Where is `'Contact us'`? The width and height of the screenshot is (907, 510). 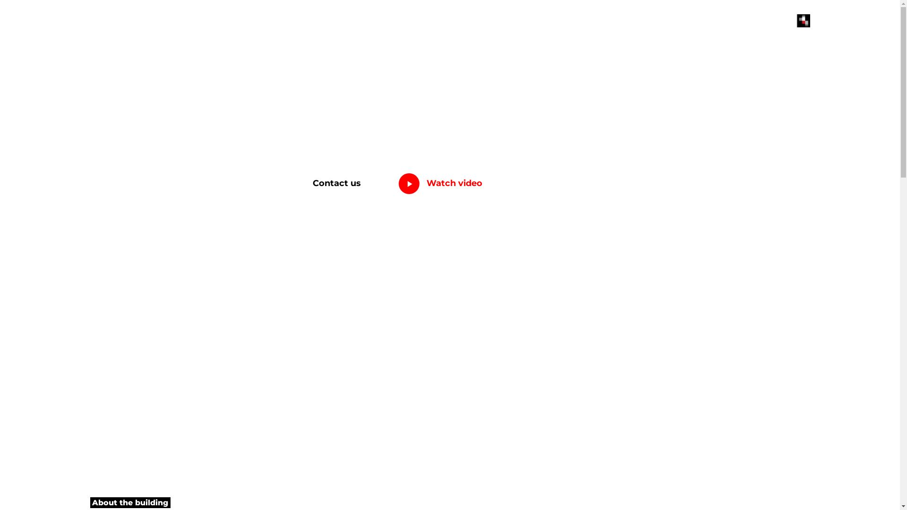 'Contact us' is located at coordinates (337, 183).